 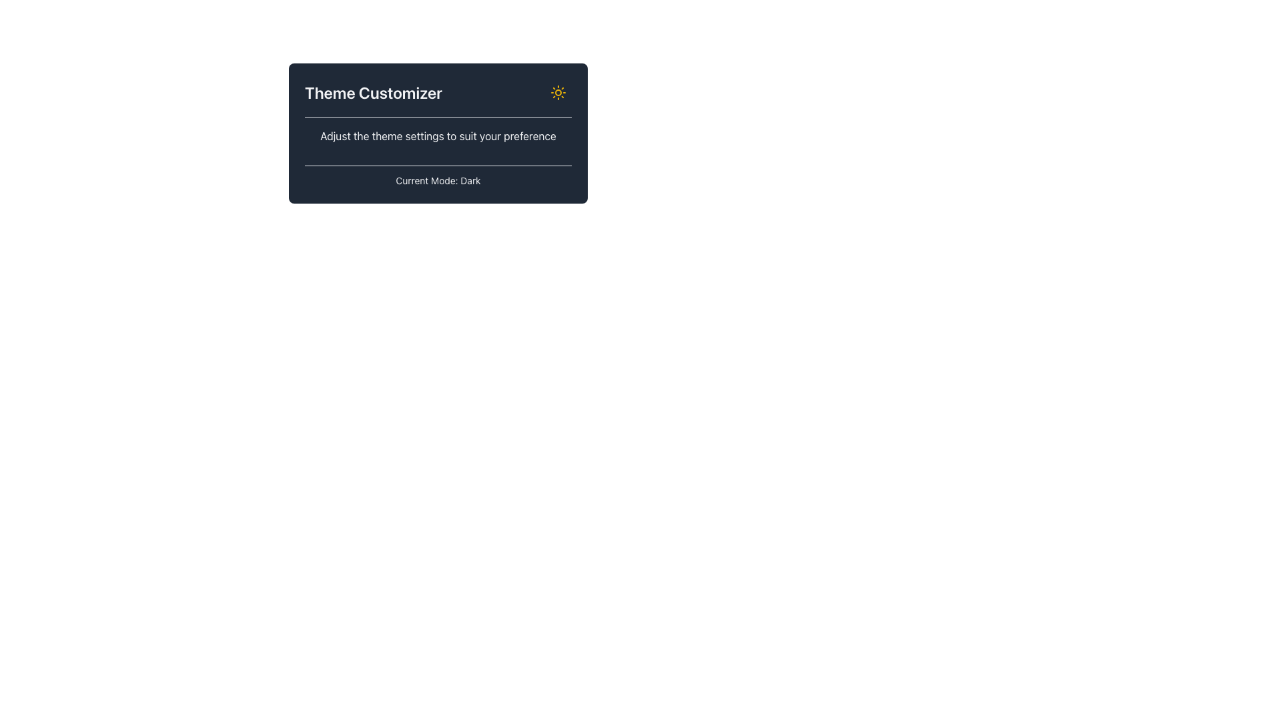 What do you see at coordinates (438, 142) in the screenshot?
I see `the informational Static Text related to theme customization located beneath the 'Theme Customizer' header and above the 'Current Mode: Dark' line` at bounding box center [438, 142].